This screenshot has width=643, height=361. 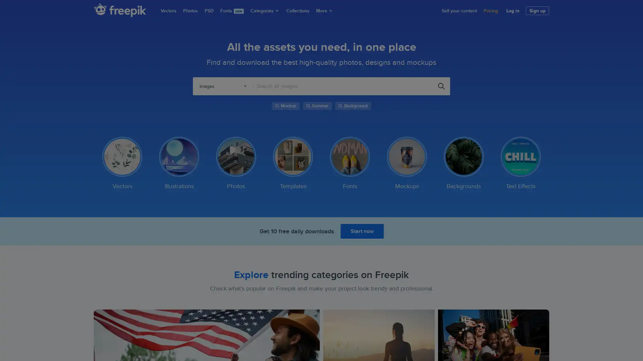 I want to click on Do Not Sell My Personal Information, so click(x=469, y=346).